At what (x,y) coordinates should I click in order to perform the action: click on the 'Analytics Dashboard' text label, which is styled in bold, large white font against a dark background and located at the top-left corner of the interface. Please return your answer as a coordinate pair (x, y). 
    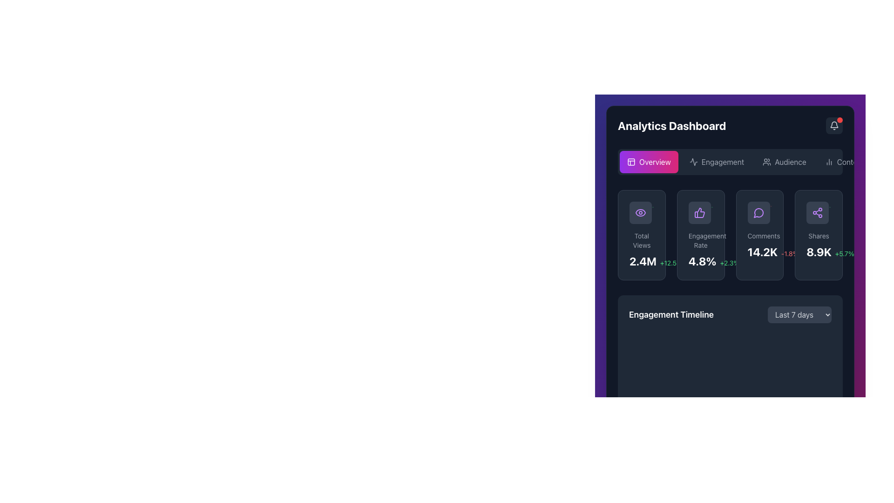
    Looking at the image, I should click on (672, 126).